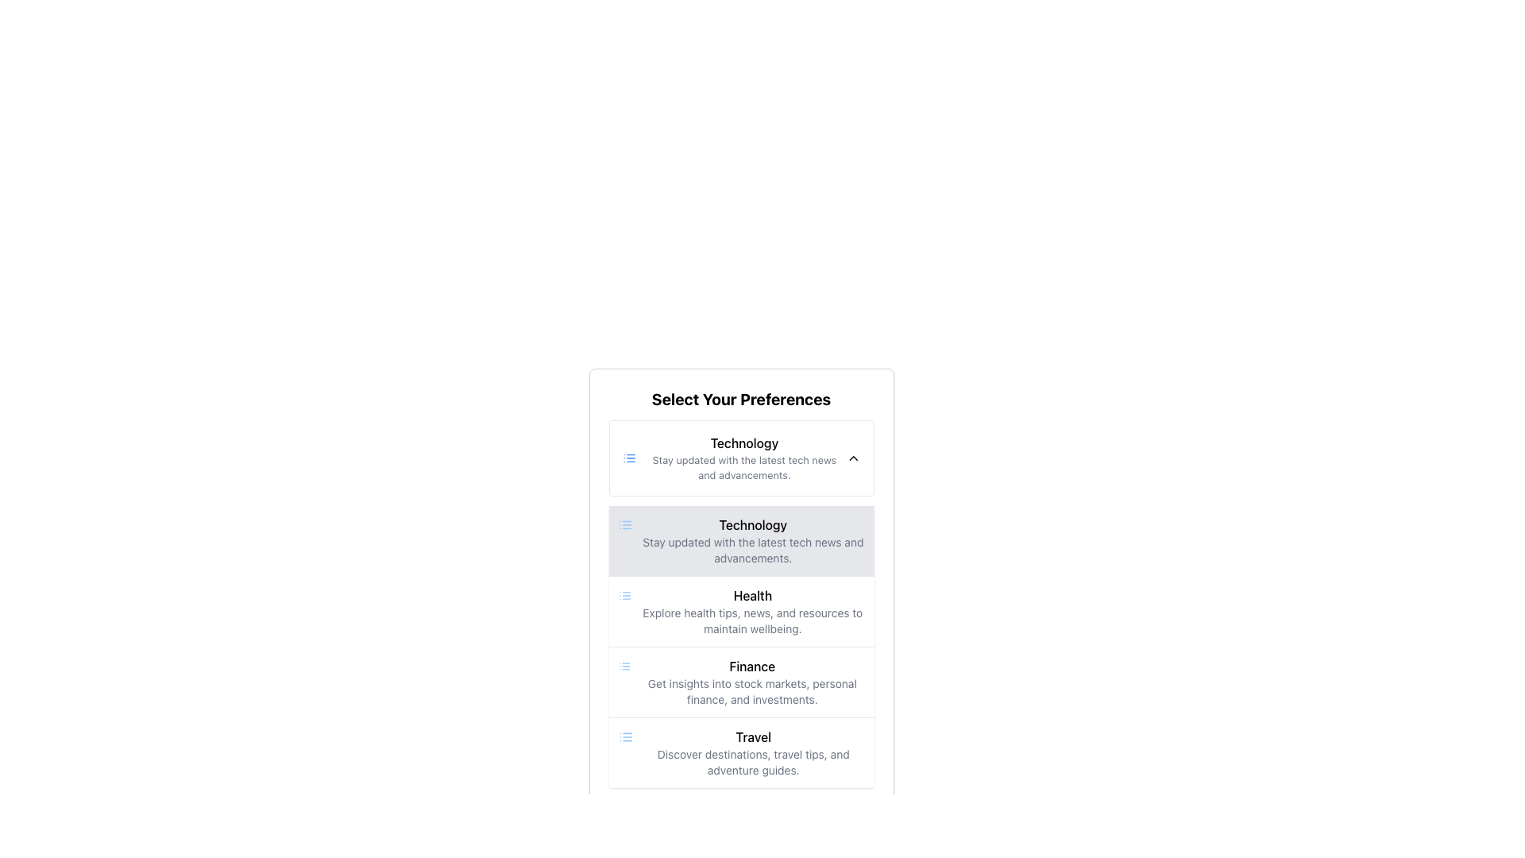  Describe the element at coordinates (740, 681) in the screenshot. I see `the third item in the selectable list titled 'Select Your Preferences', which provides information about finance-related content, positioned between 'Health' and 'Travel'` at that location.